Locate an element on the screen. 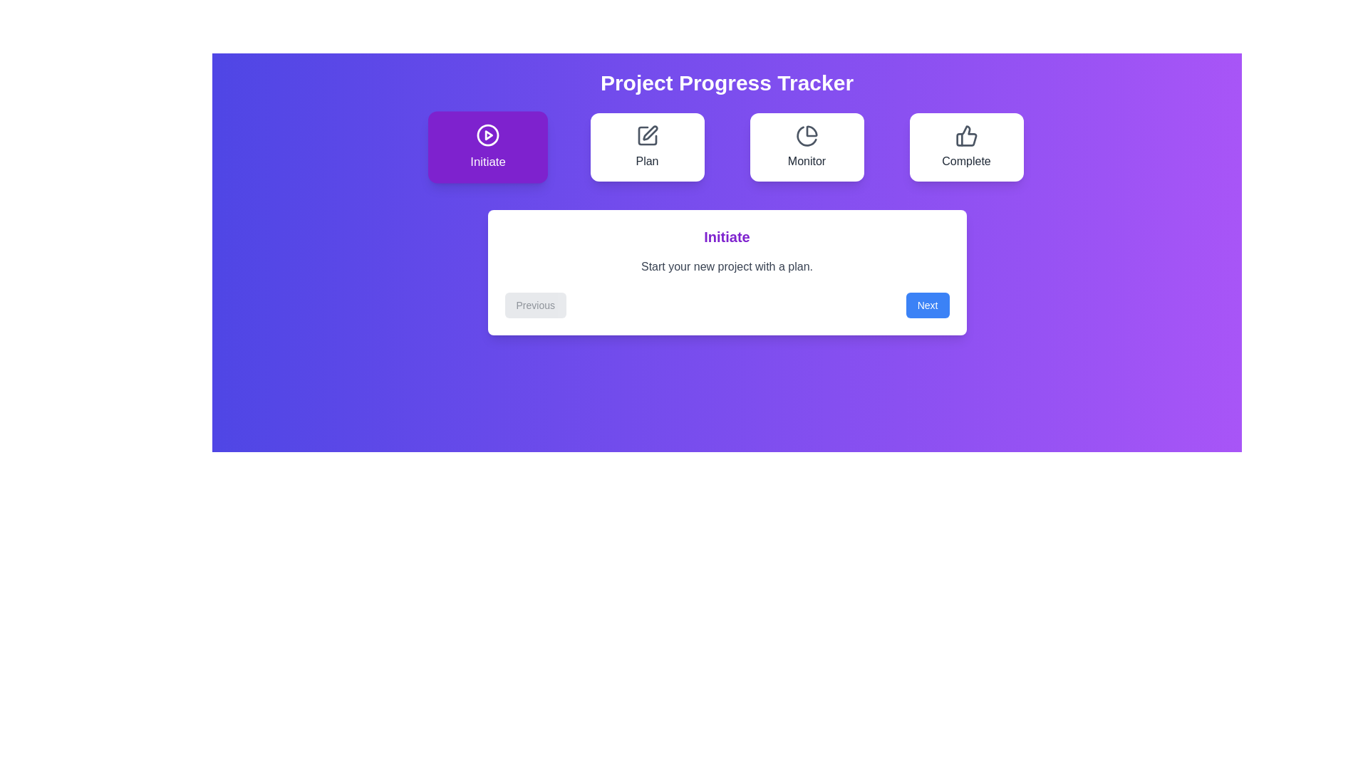 The image size is (1368, 769). the step Monitor in the progress tracker is located at coordinates (807, 147).